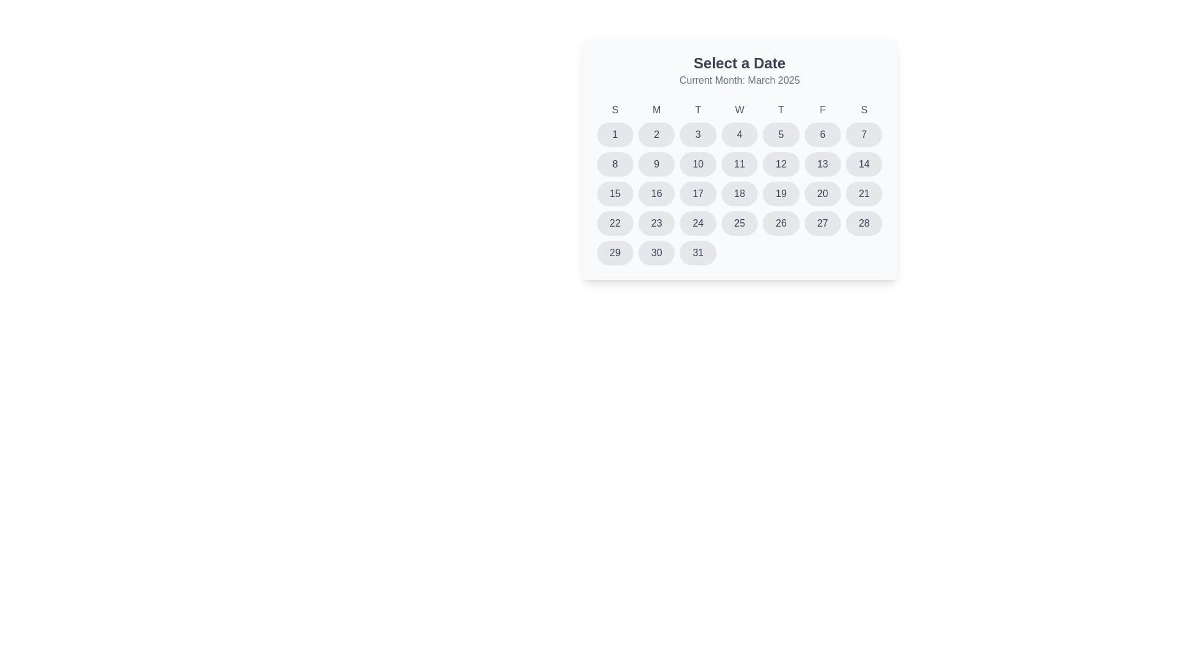 The image size is (1182, 665). Describe the element at coordinates (822, 194) in the screenshot. I see `the selectable date button representing the 20th day of the month in the calendar interface` at that location.